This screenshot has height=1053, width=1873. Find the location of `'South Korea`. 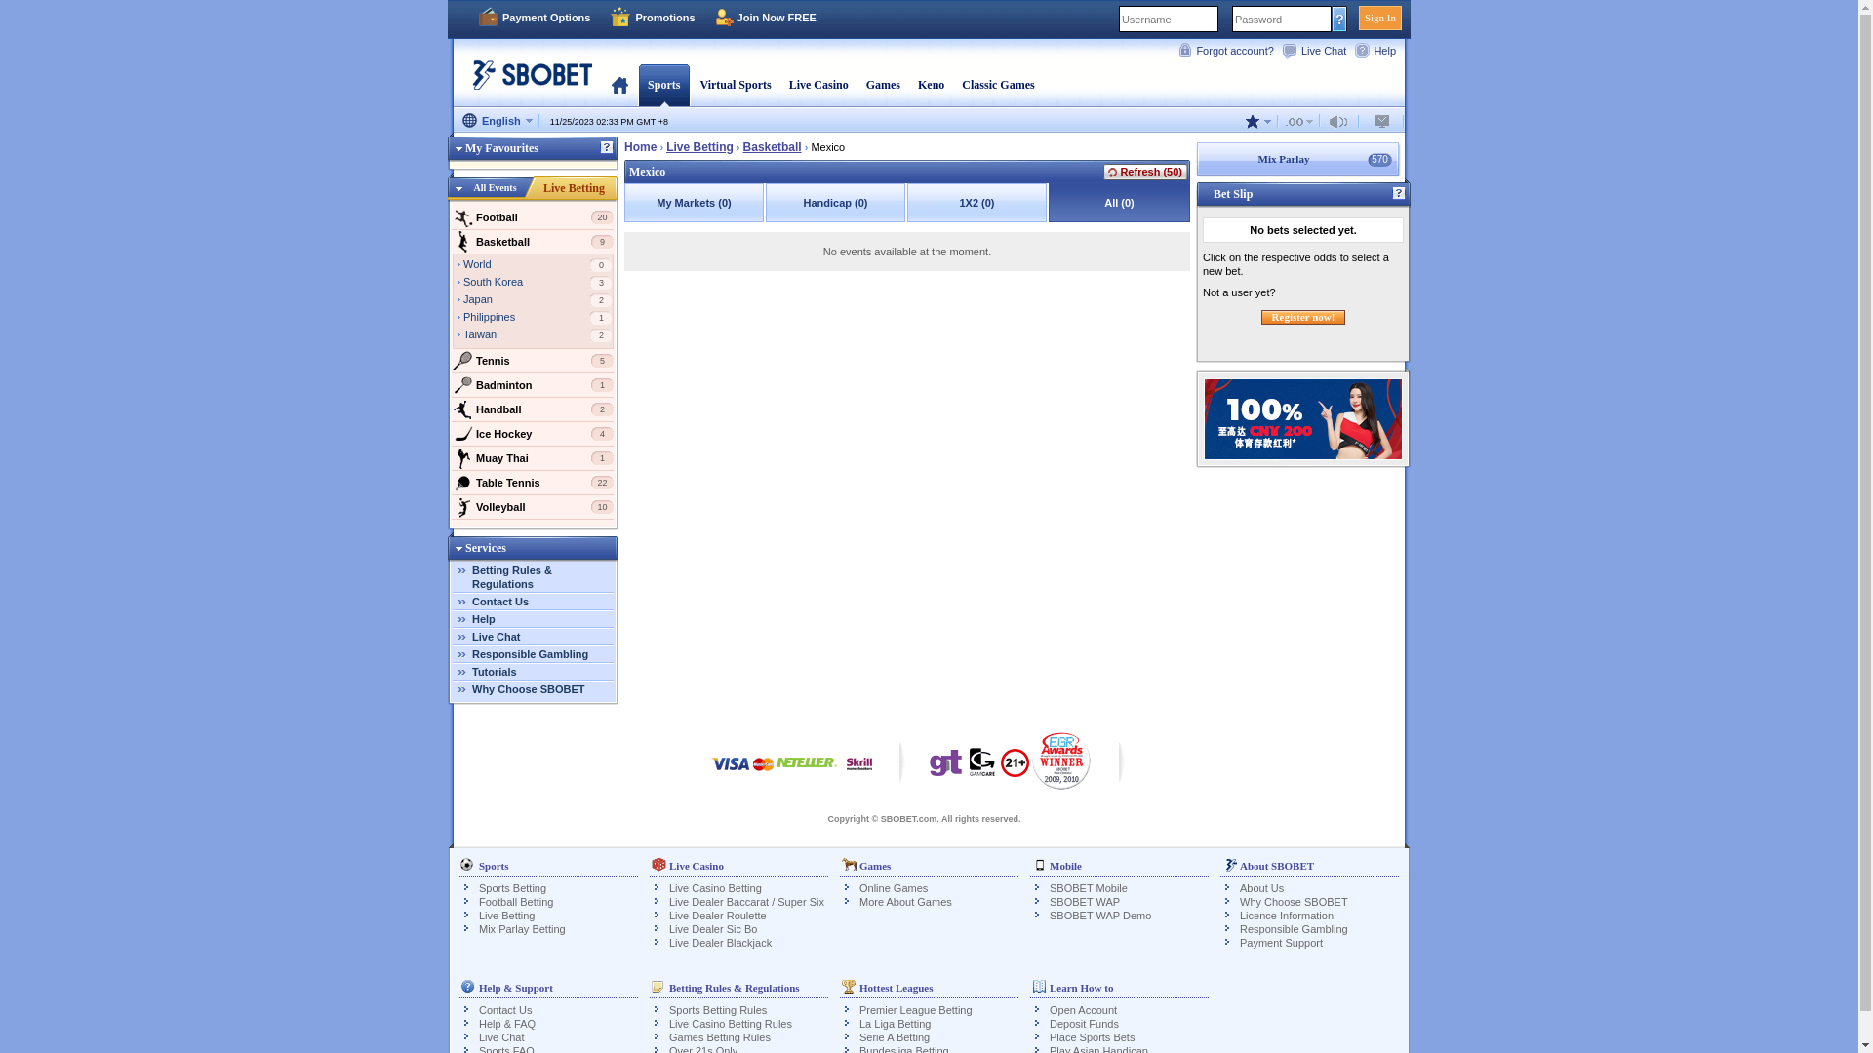

'South Korea is located at coordinates (462, 283).